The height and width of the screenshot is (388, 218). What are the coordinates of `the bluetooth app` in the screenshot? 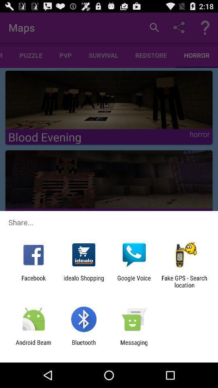 It's located at (83, 346).